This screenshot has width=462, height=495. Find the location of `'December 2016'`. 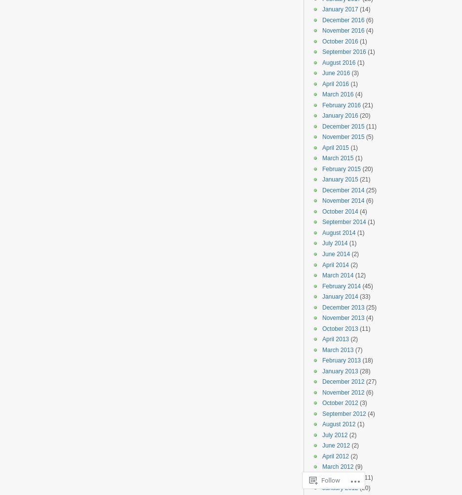

'December 2016' is located at coordinates (343, 20).